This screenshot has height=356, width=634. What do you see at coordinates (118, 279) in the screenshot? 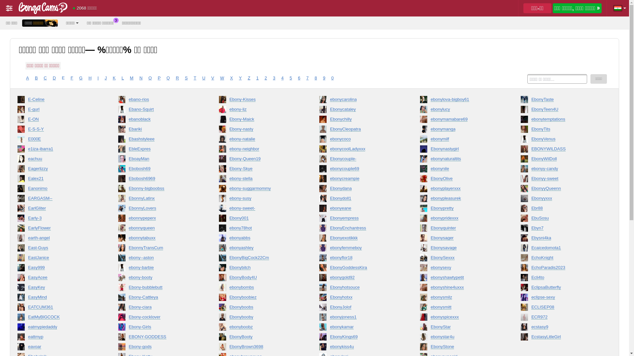
I see `'ebony-booty'` at bounding box center [118, 279].